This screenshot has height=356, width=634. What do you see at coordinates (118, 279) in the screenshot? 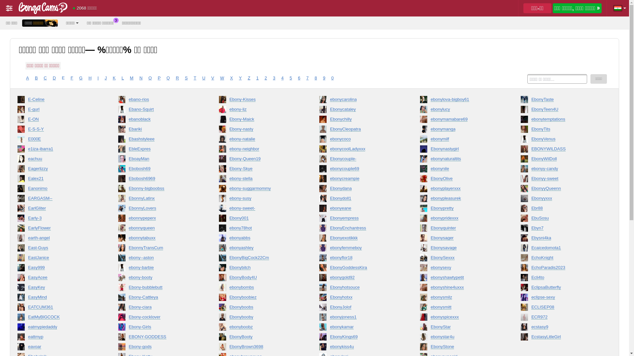
I see `'ebony-booty'` at bounding box center [118, 279].